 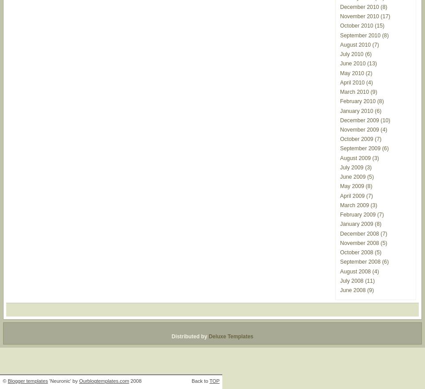 I want to click on 'Blogger templates', so click(x=27, y=381).